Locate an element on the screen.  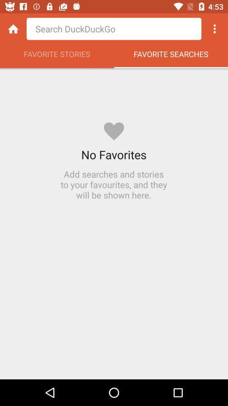
the app above the favorite stories is located at coordinates (114, 29).